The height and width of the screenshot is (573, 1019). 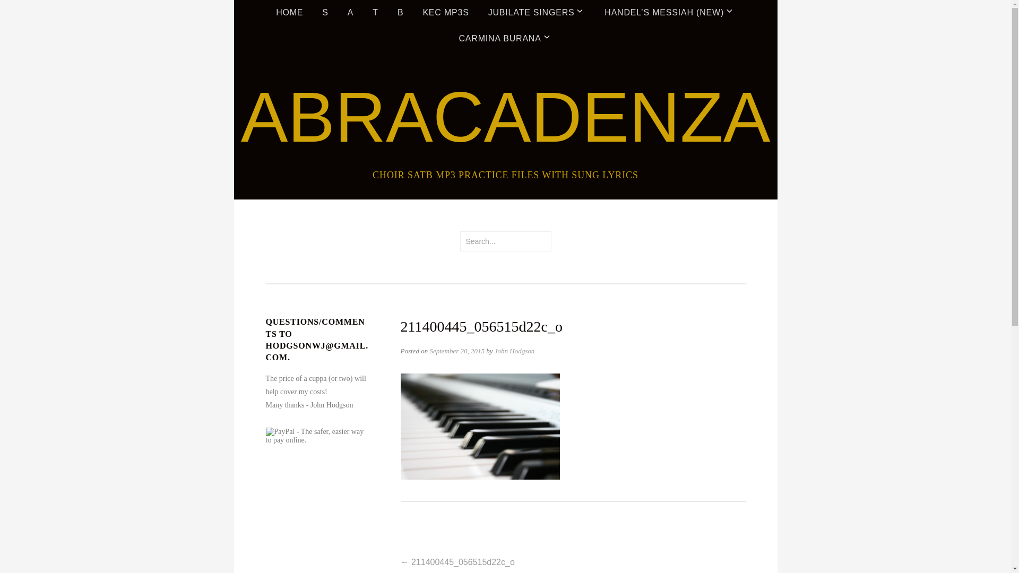 I want to click on 'September 20, 2015', so click(x=456, y=351).